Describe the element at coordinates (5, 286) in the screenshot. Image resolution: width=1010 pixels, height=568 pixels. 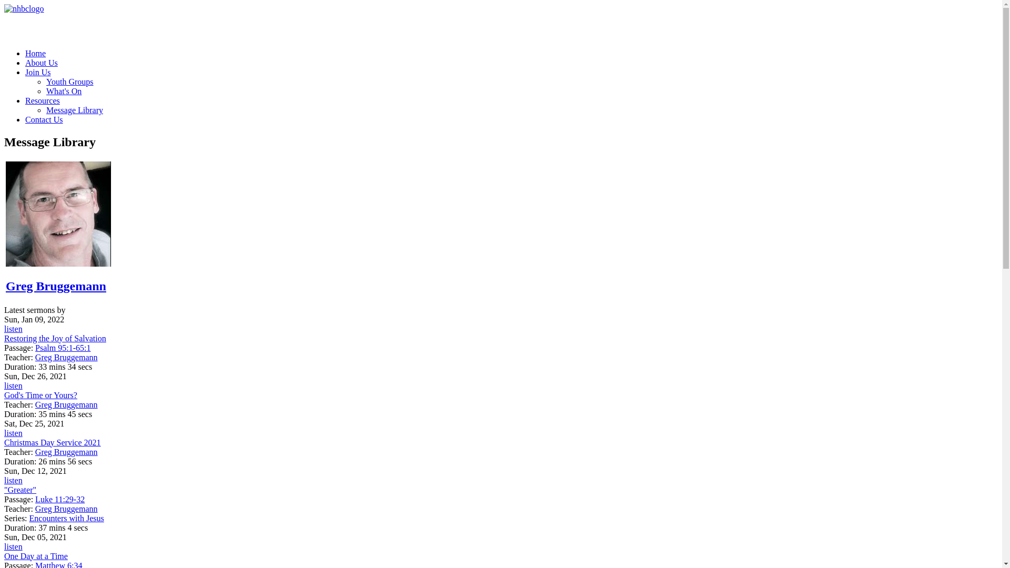
I see `'Greg Bruggemann'` at that location.